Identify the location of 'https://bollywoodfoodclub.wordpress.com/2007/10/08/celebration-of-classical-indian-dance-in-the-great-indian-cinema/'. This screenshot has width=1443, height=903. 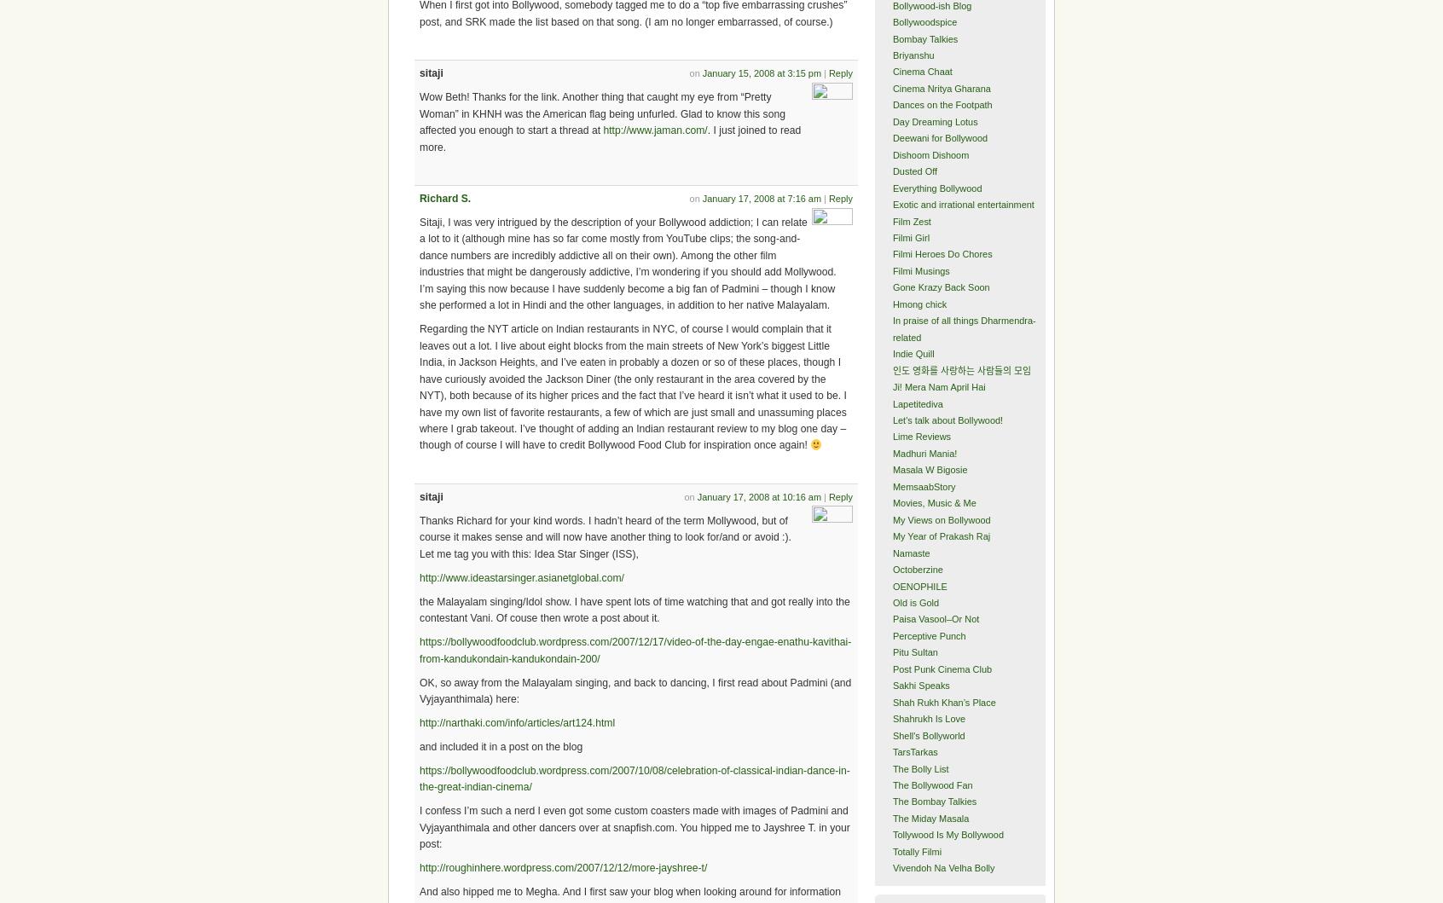
(633, 778).